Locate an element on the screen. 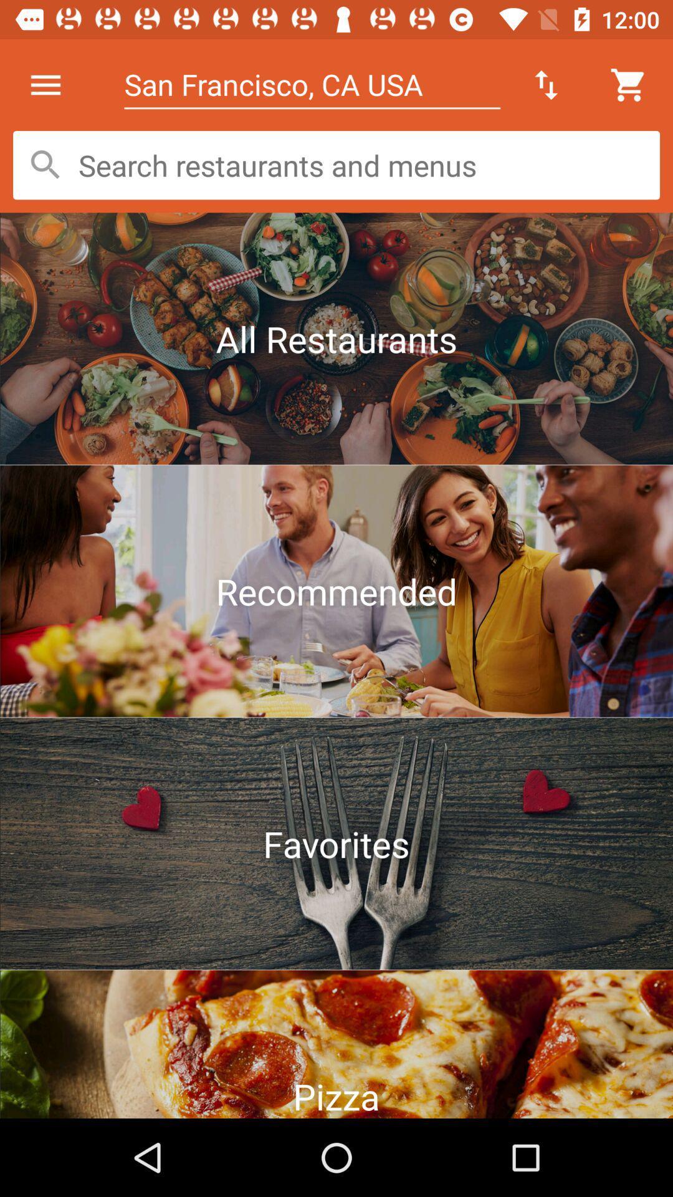 The image size is (673, 1197). search for is located at coordinates (336, 165).